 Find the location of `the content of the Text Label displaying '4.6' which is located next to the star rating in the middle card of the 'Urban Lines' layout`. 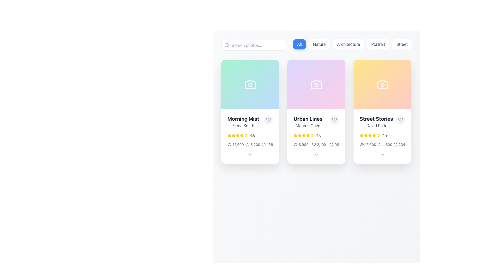

the content of the Text Label displaying '4.6' which is located next to the star rating in the middle card of the 'Urban Lines' layout is located at coordinates (319, 135).